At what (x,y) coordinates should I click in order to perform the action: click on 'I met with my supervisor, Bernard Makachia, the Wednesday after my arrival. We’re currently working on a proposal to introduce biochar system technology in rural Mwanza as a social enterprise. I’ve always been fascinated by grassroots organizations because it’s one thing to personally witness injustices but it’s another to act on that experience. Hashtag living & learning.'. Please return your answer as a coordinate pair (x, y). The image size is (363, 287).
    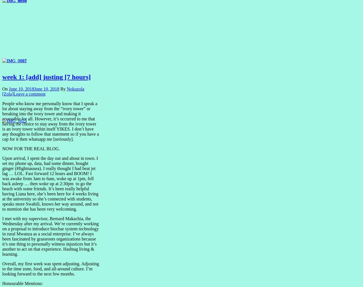
    Looking at the image, I should click on (2, 236).